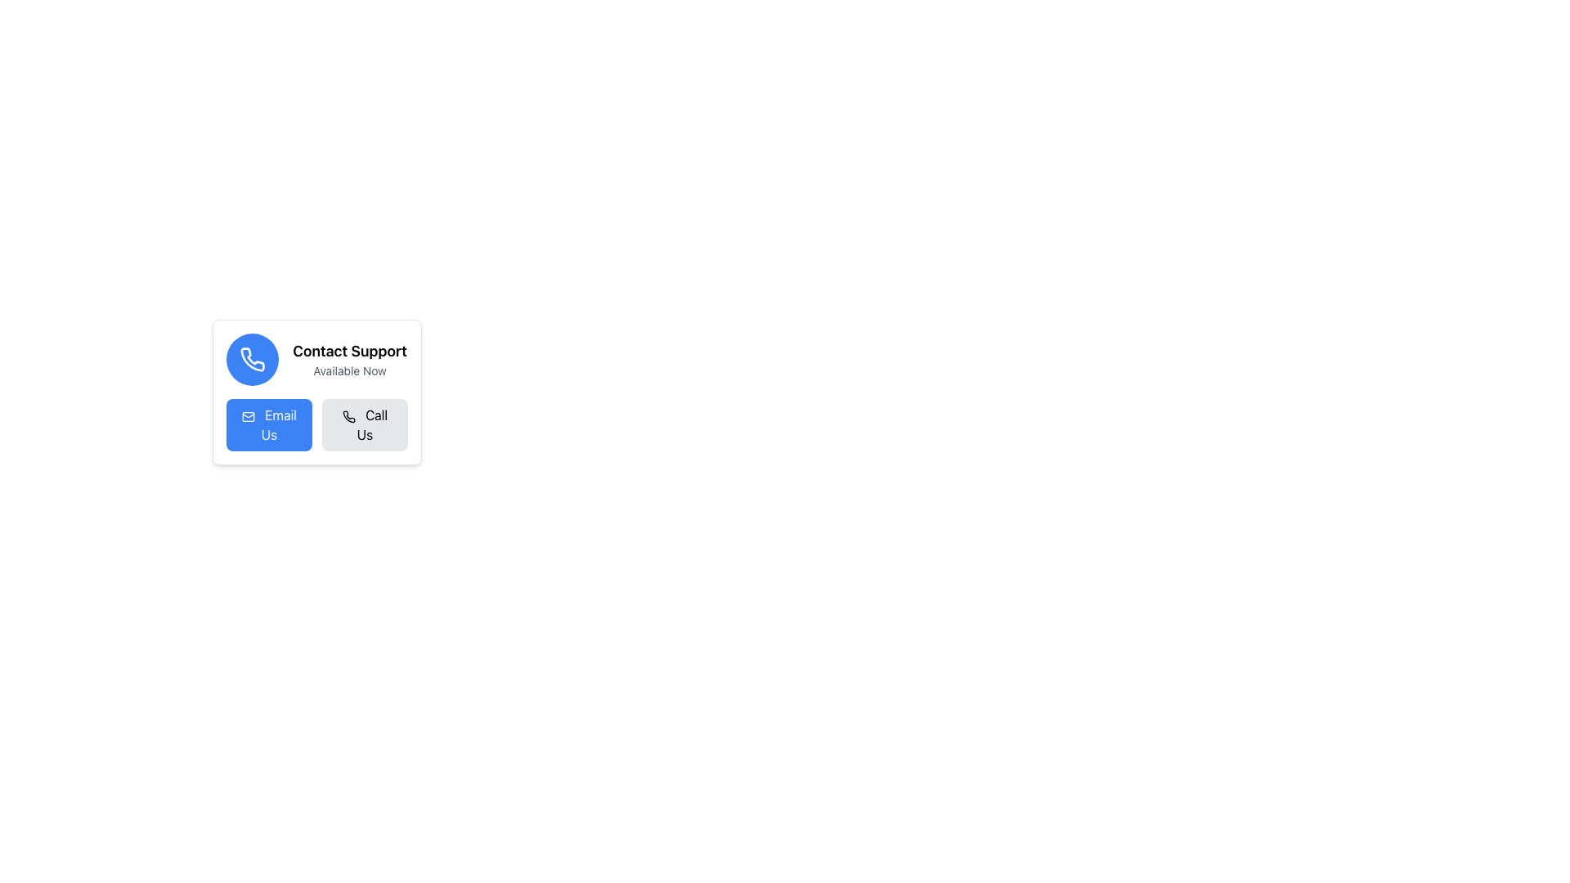  I want to click on the status display text indicating that the support team is available, located beneath the 'Contact Support' heading, so click(348, 371).